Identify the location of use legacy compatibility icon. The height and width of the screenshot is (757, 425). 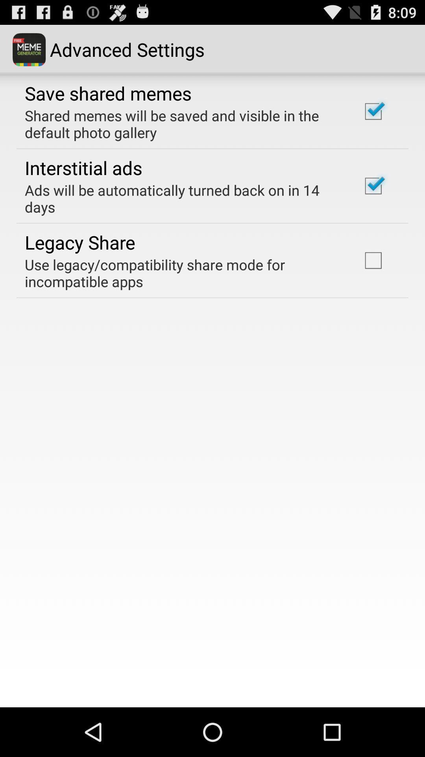
(182, 273).